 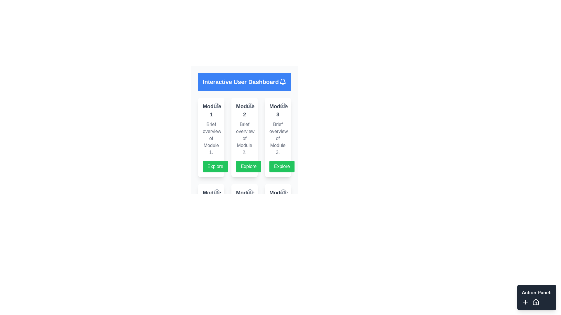 What do you see at coordinates (217, 191) in the screenshot?
I see `the house icon located at the top-right of the card containing the 'Module 4' information, above the text 'Module 4'` at bounding box center [217, 191].